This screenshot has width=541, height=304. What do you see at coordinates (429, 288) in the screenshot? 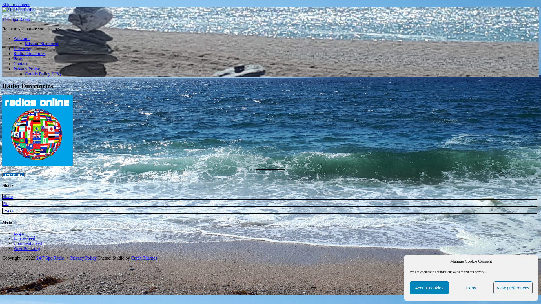
I see `'Accept cookies'` at bounding box center [429, 288].